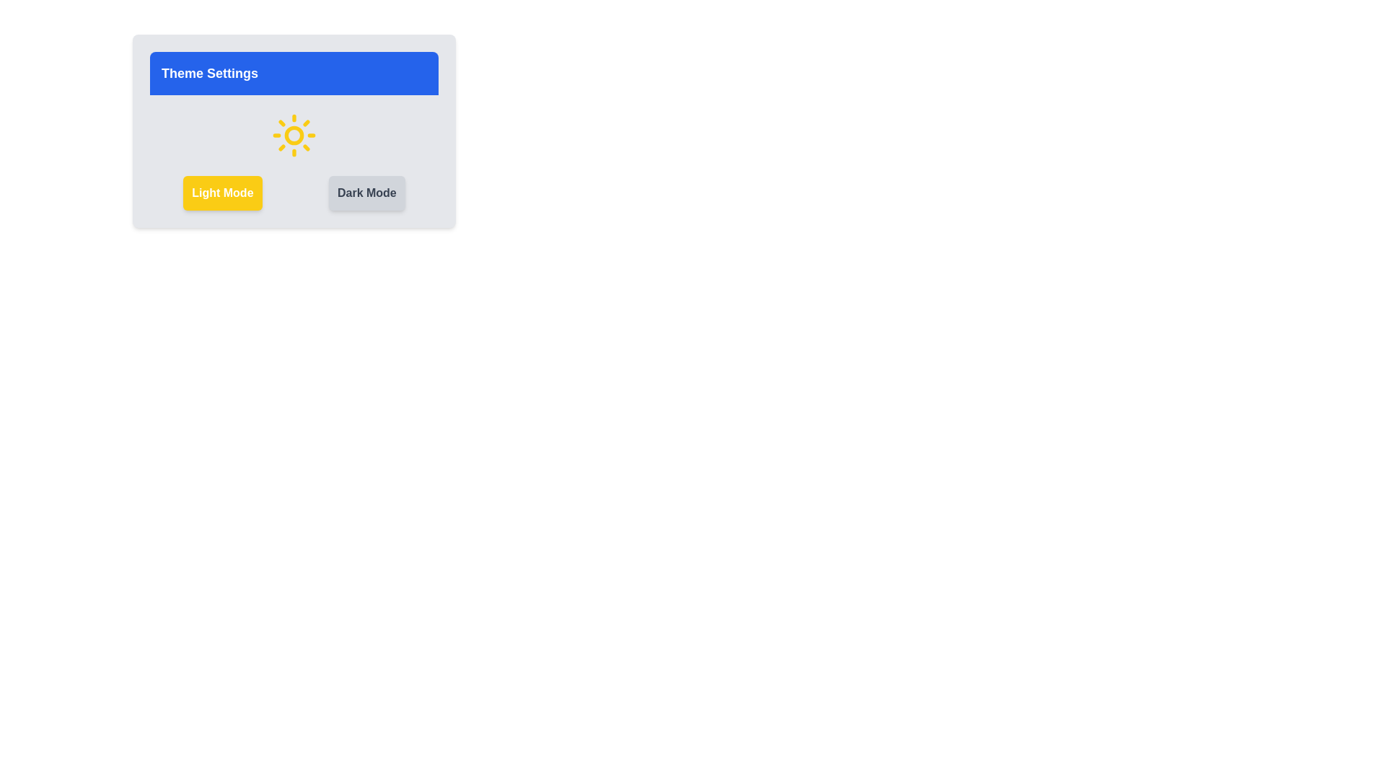  Describe the element at coordinates (221, 192) in the screenshot. I see `'Light Mode' button to toggle the theme to light mode` at that location.